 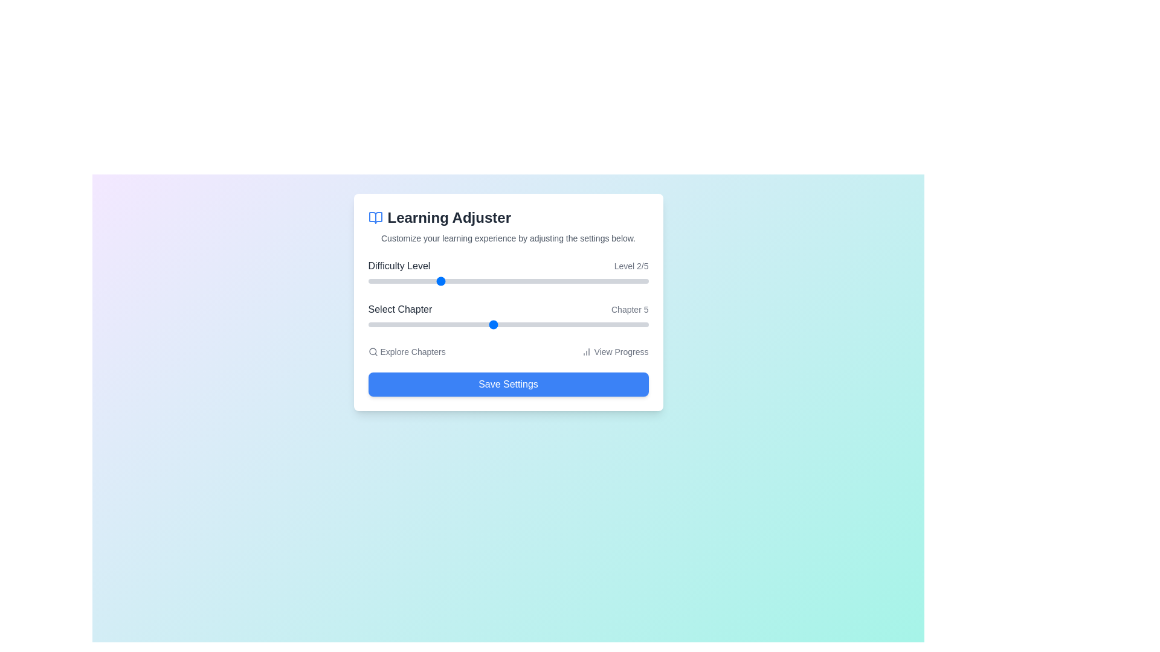 What do you see at coordinates (367, 324) in the screenshot?
I see `the chapter` at bounding box center [367, 324].